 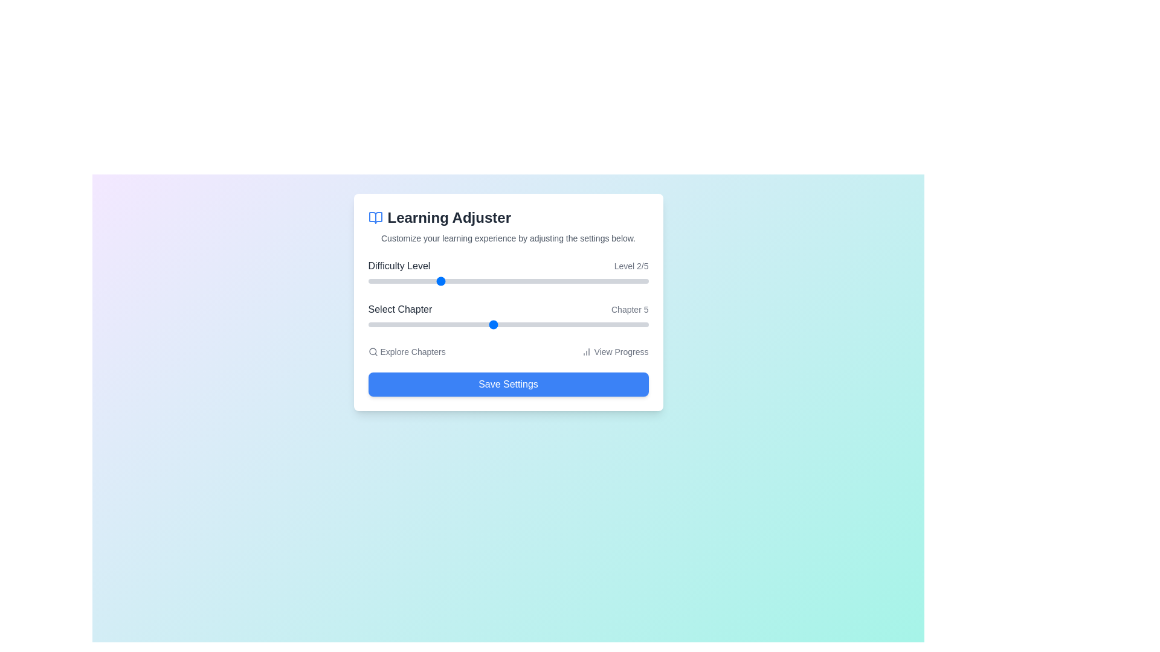 What do you see at coordinates (367, 324) in the screenshot?
I see `the chapter` at bounding box center [367, 324].